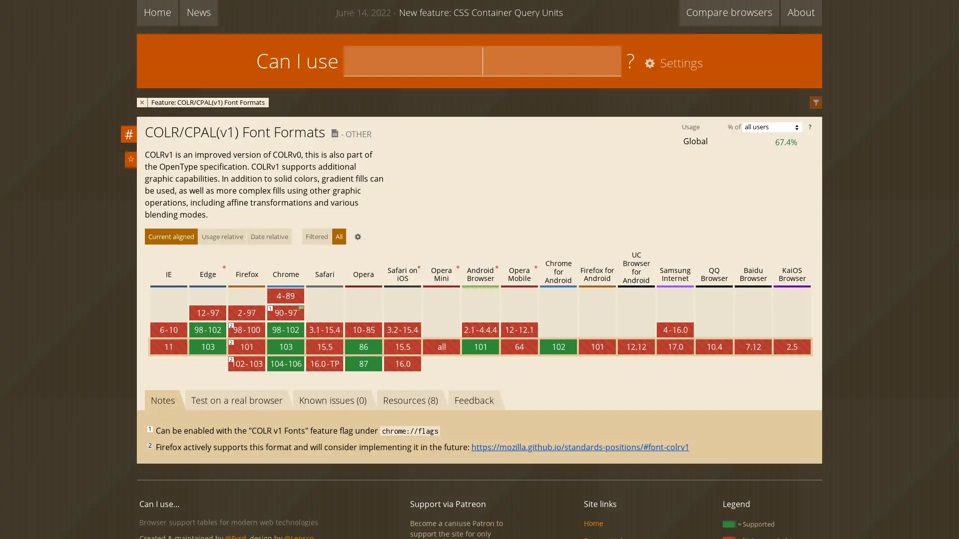 The image size is (959, 539). What do you see at coordinates (339, 237) in the screenshot?
I see `All` at bounding box center [339, 237].